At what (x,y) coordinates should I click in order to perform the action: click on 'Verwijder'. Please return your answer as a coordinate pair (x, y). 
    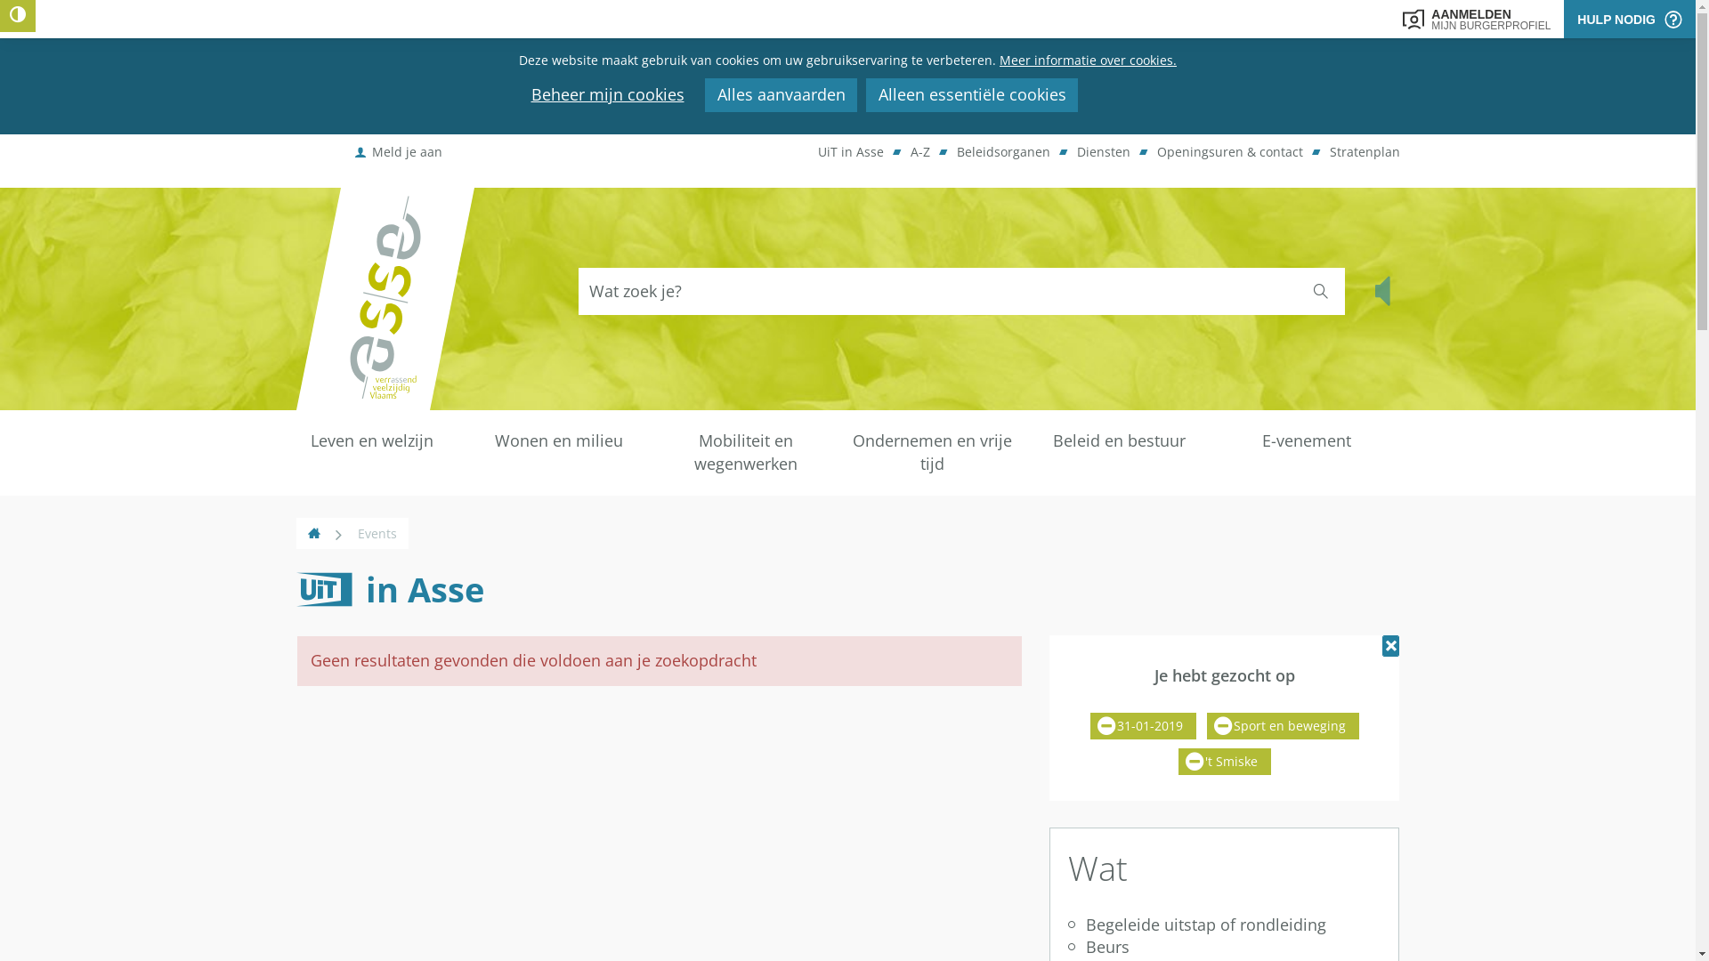
    Looking at the image, I should click on (1389, 645).